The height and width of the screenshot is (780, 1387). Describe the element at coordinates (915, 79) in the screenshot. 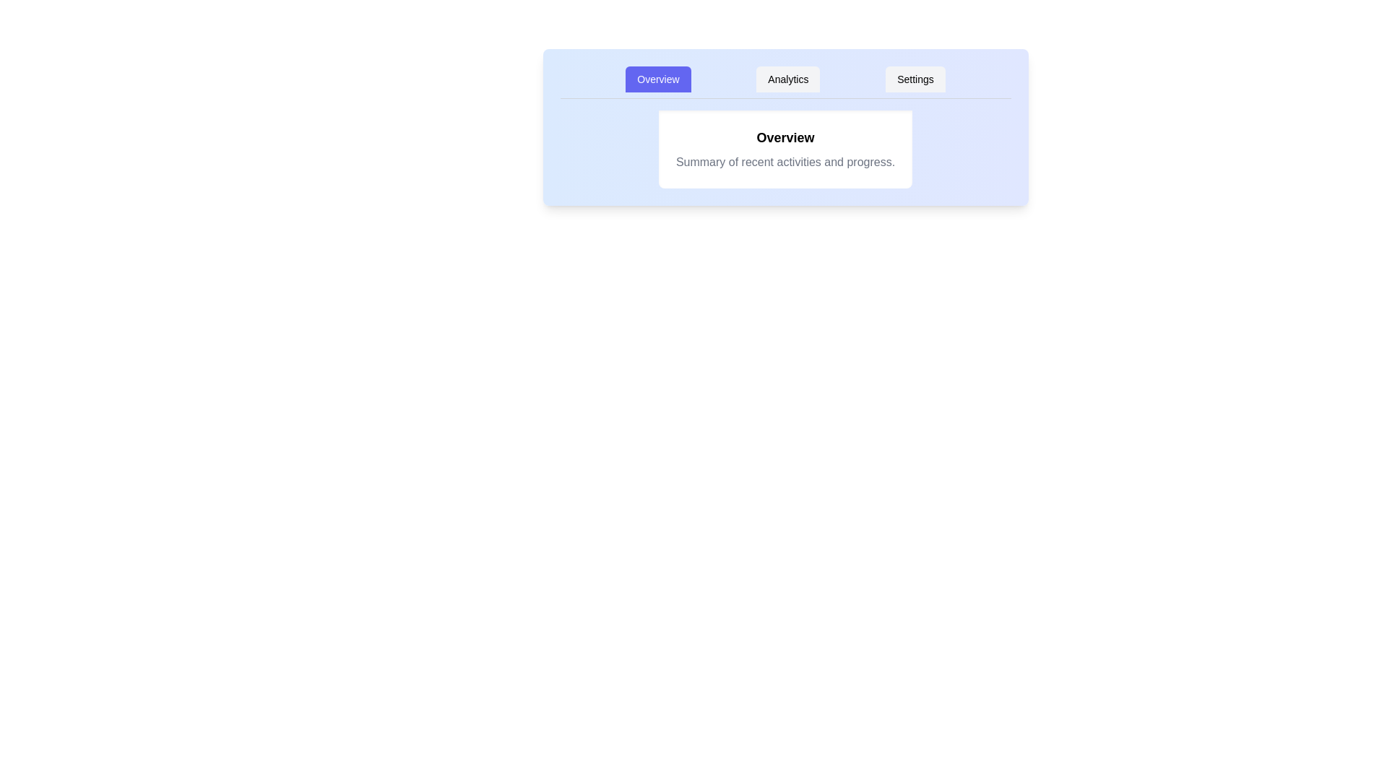

I see `the Settings tab` at that location.